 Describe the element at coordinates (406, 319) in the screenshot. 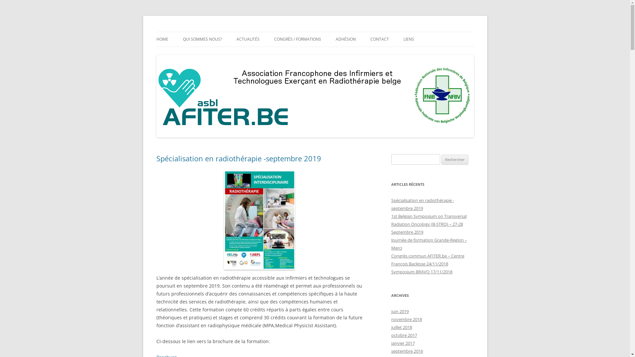

I see `'novembre 2018'` at that location.